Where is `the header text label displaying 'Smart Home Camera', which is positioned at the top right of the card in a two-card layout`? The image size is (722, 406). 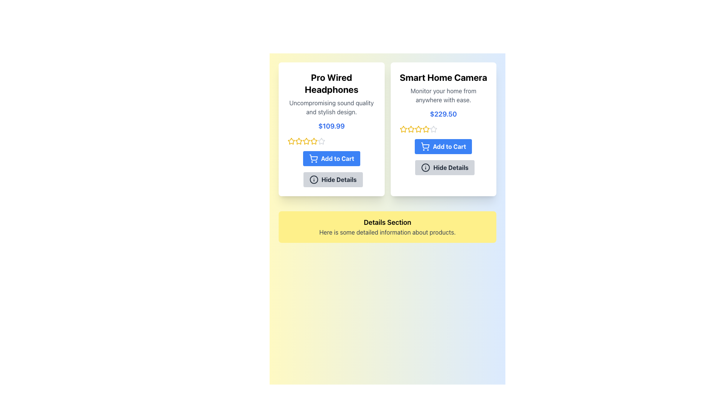
the header text label displaying 'Smart Home Camera', which is positioned at the top right of the card in a two-card layout is located at coordinates (443, 77).